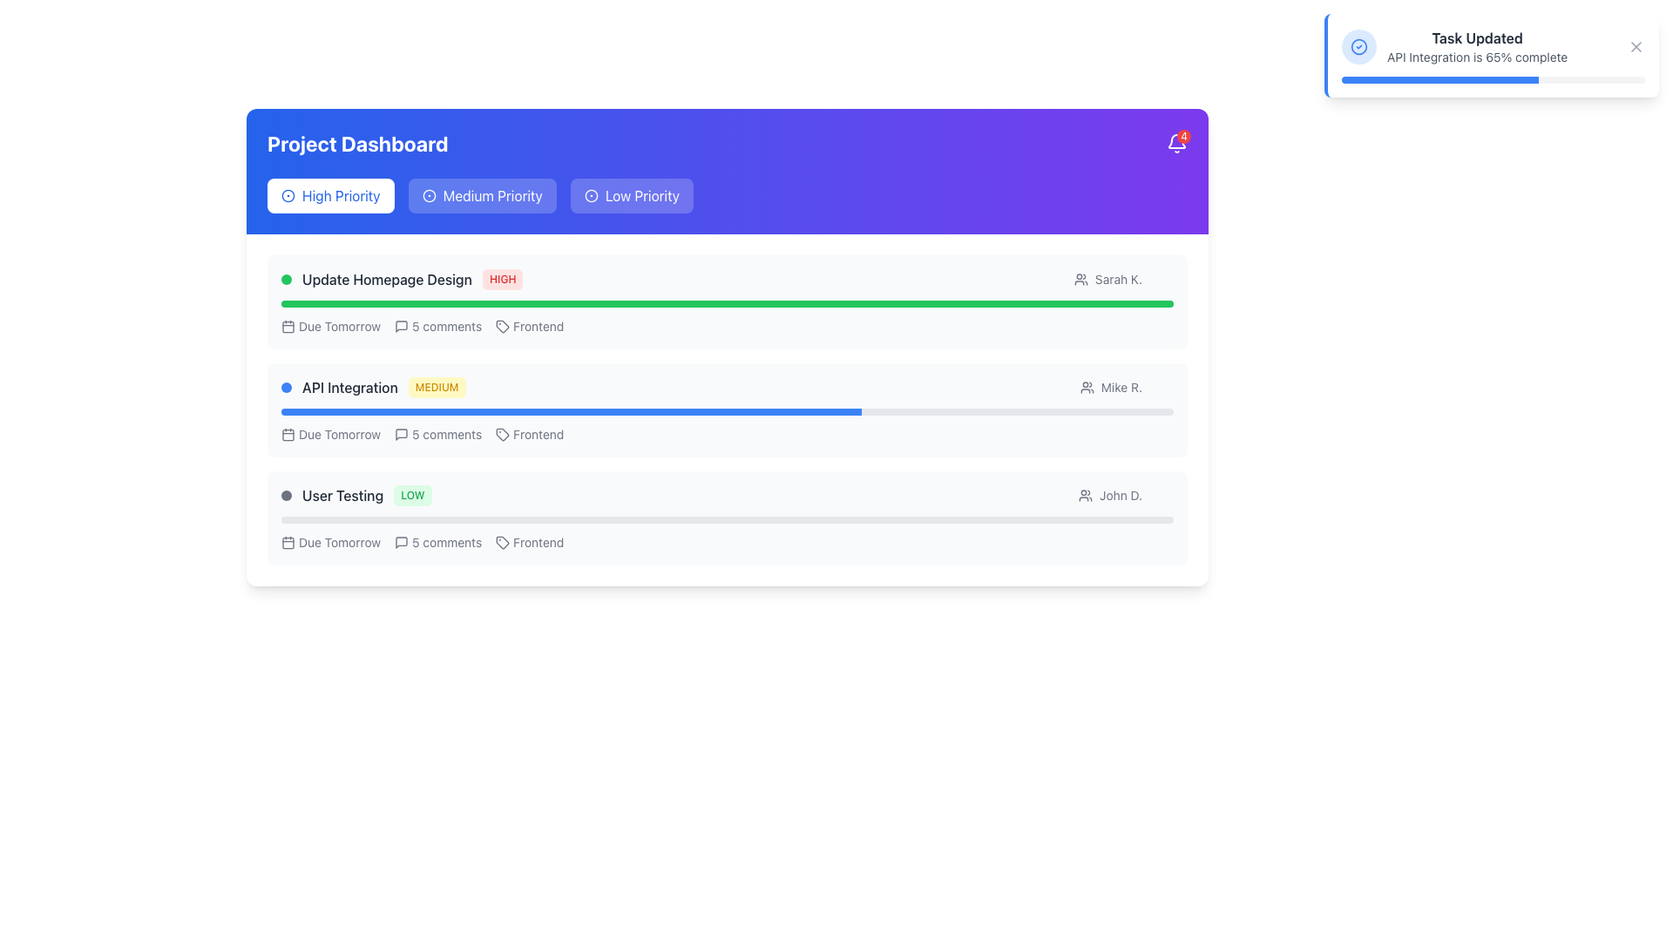  Describe the element at coordinates (502, 278) in the screenshot. I see `the 'HIGH' priority badge located to the right of the 'Update Homepage Design' title in the 'Project Dashboard' area` at that location.